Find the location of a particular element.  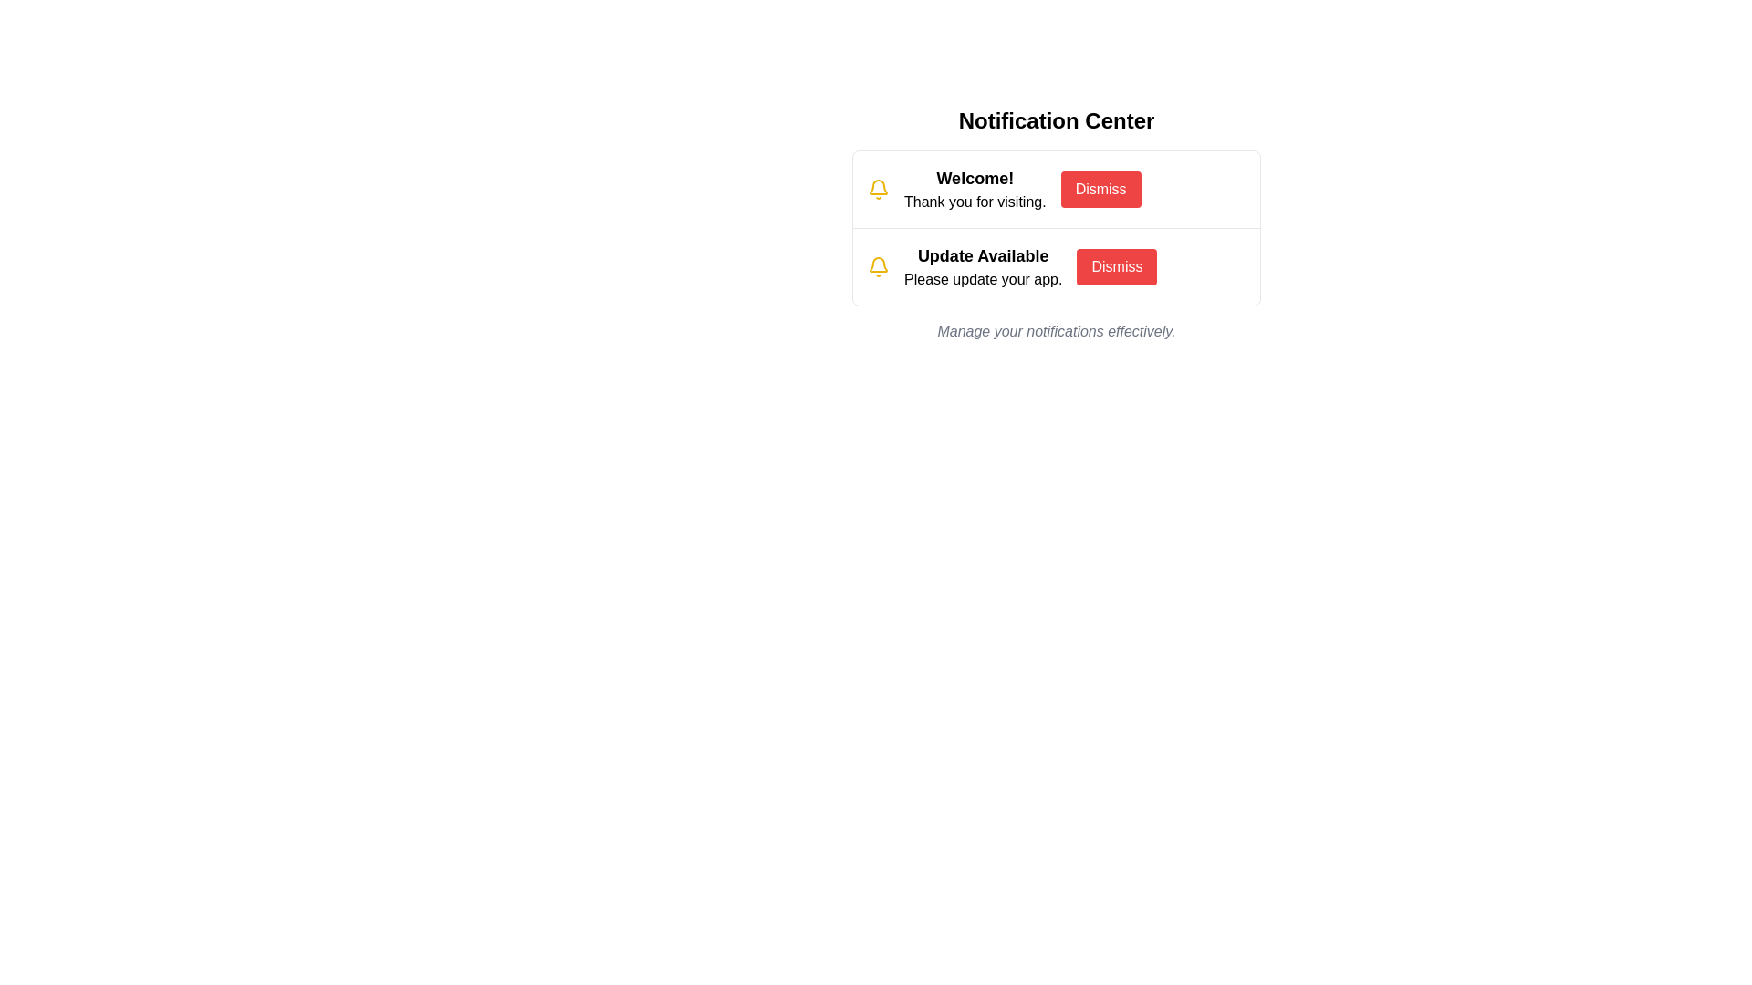

the dismiss button located at the top right corner of the notification card that contains the update notification is located at coordinates (1116, 267).